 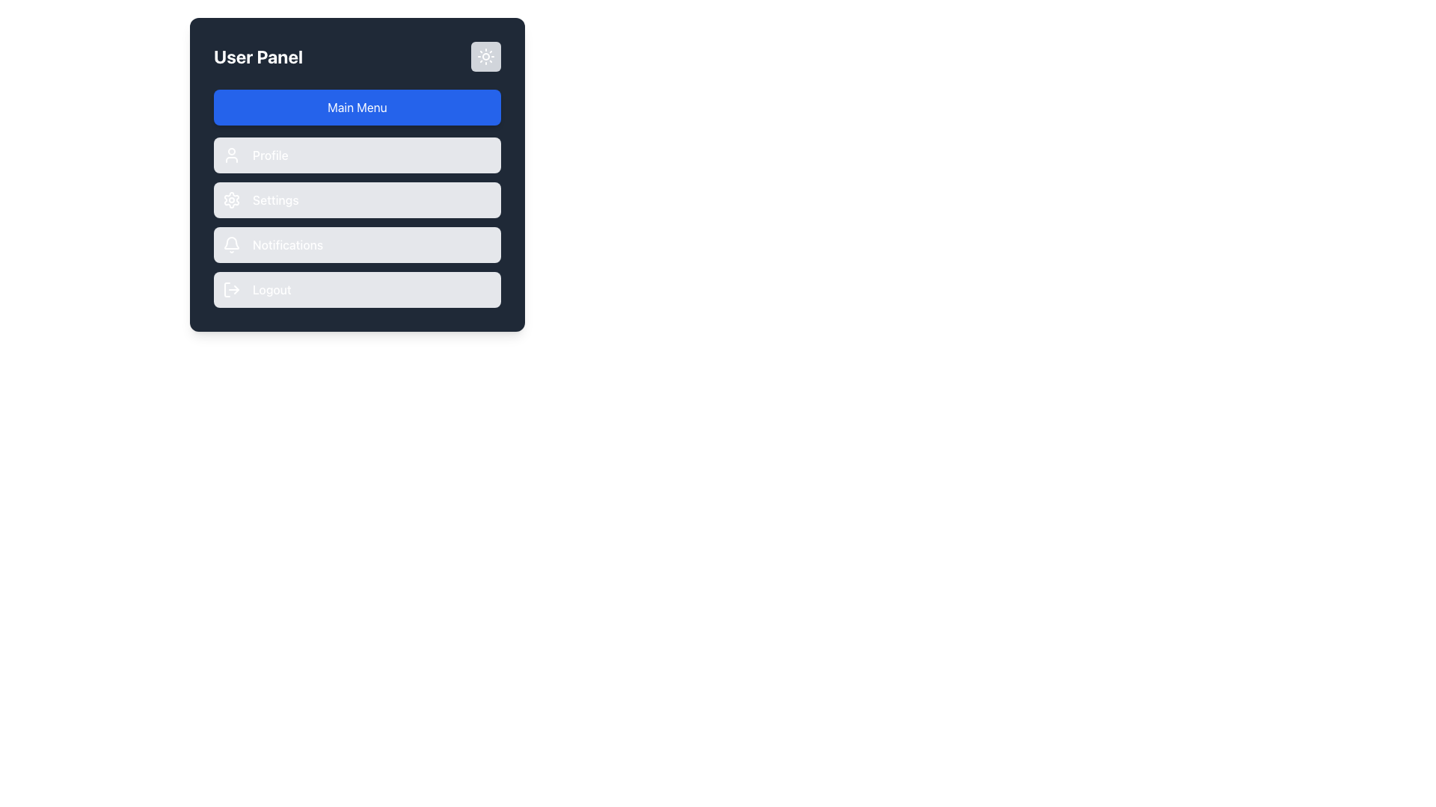 I want to click on the 'Settings' button, which is the second item in the User Panel interface, so click(x=357, y=222).